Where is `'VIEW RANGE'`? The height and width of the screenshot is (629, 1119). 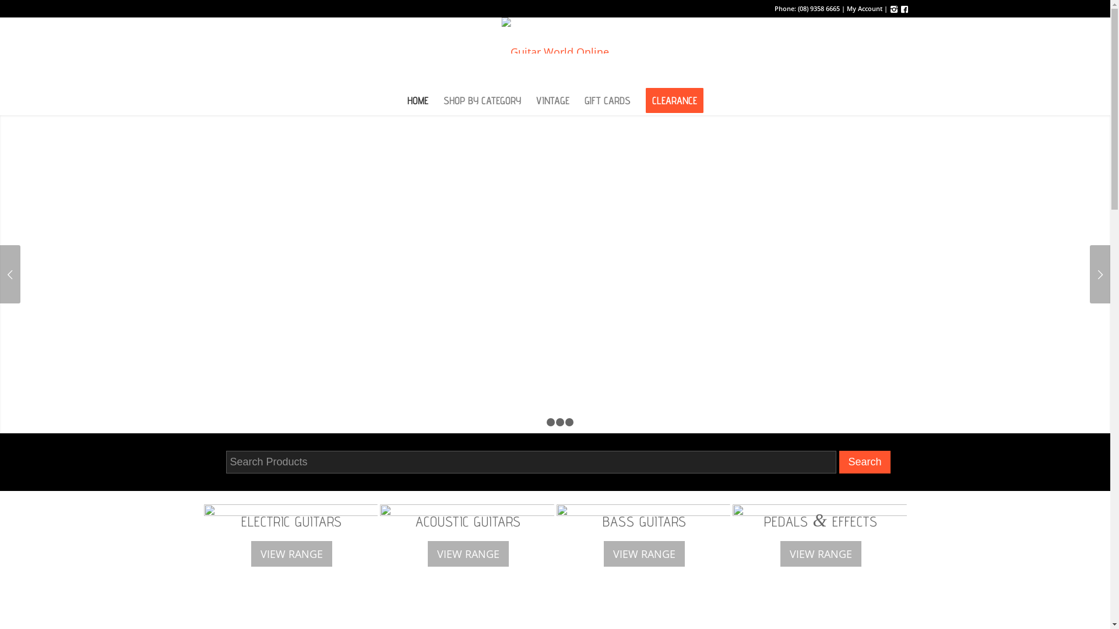 'VIEW RANGE' is located at coordinates (601, 553).